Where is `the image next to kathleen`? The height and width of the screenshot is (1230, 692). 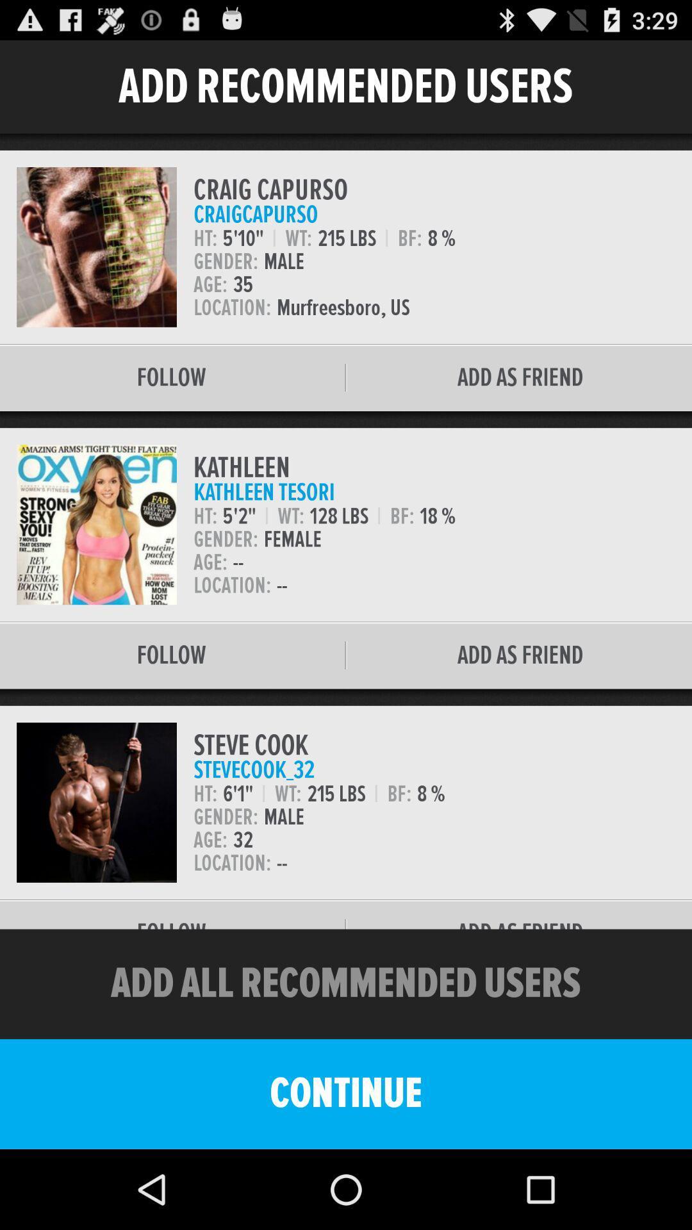 the image next to kathleen is located at coordinates (95, 525).